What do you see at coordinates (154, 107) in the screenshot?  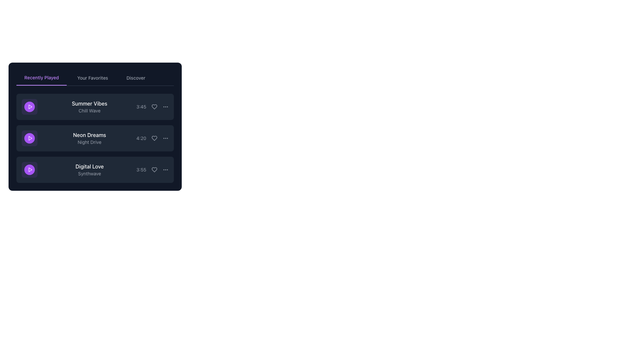 I see `the 'like' icon in the 'Recently Played' section` at bounding box center [154, 107].